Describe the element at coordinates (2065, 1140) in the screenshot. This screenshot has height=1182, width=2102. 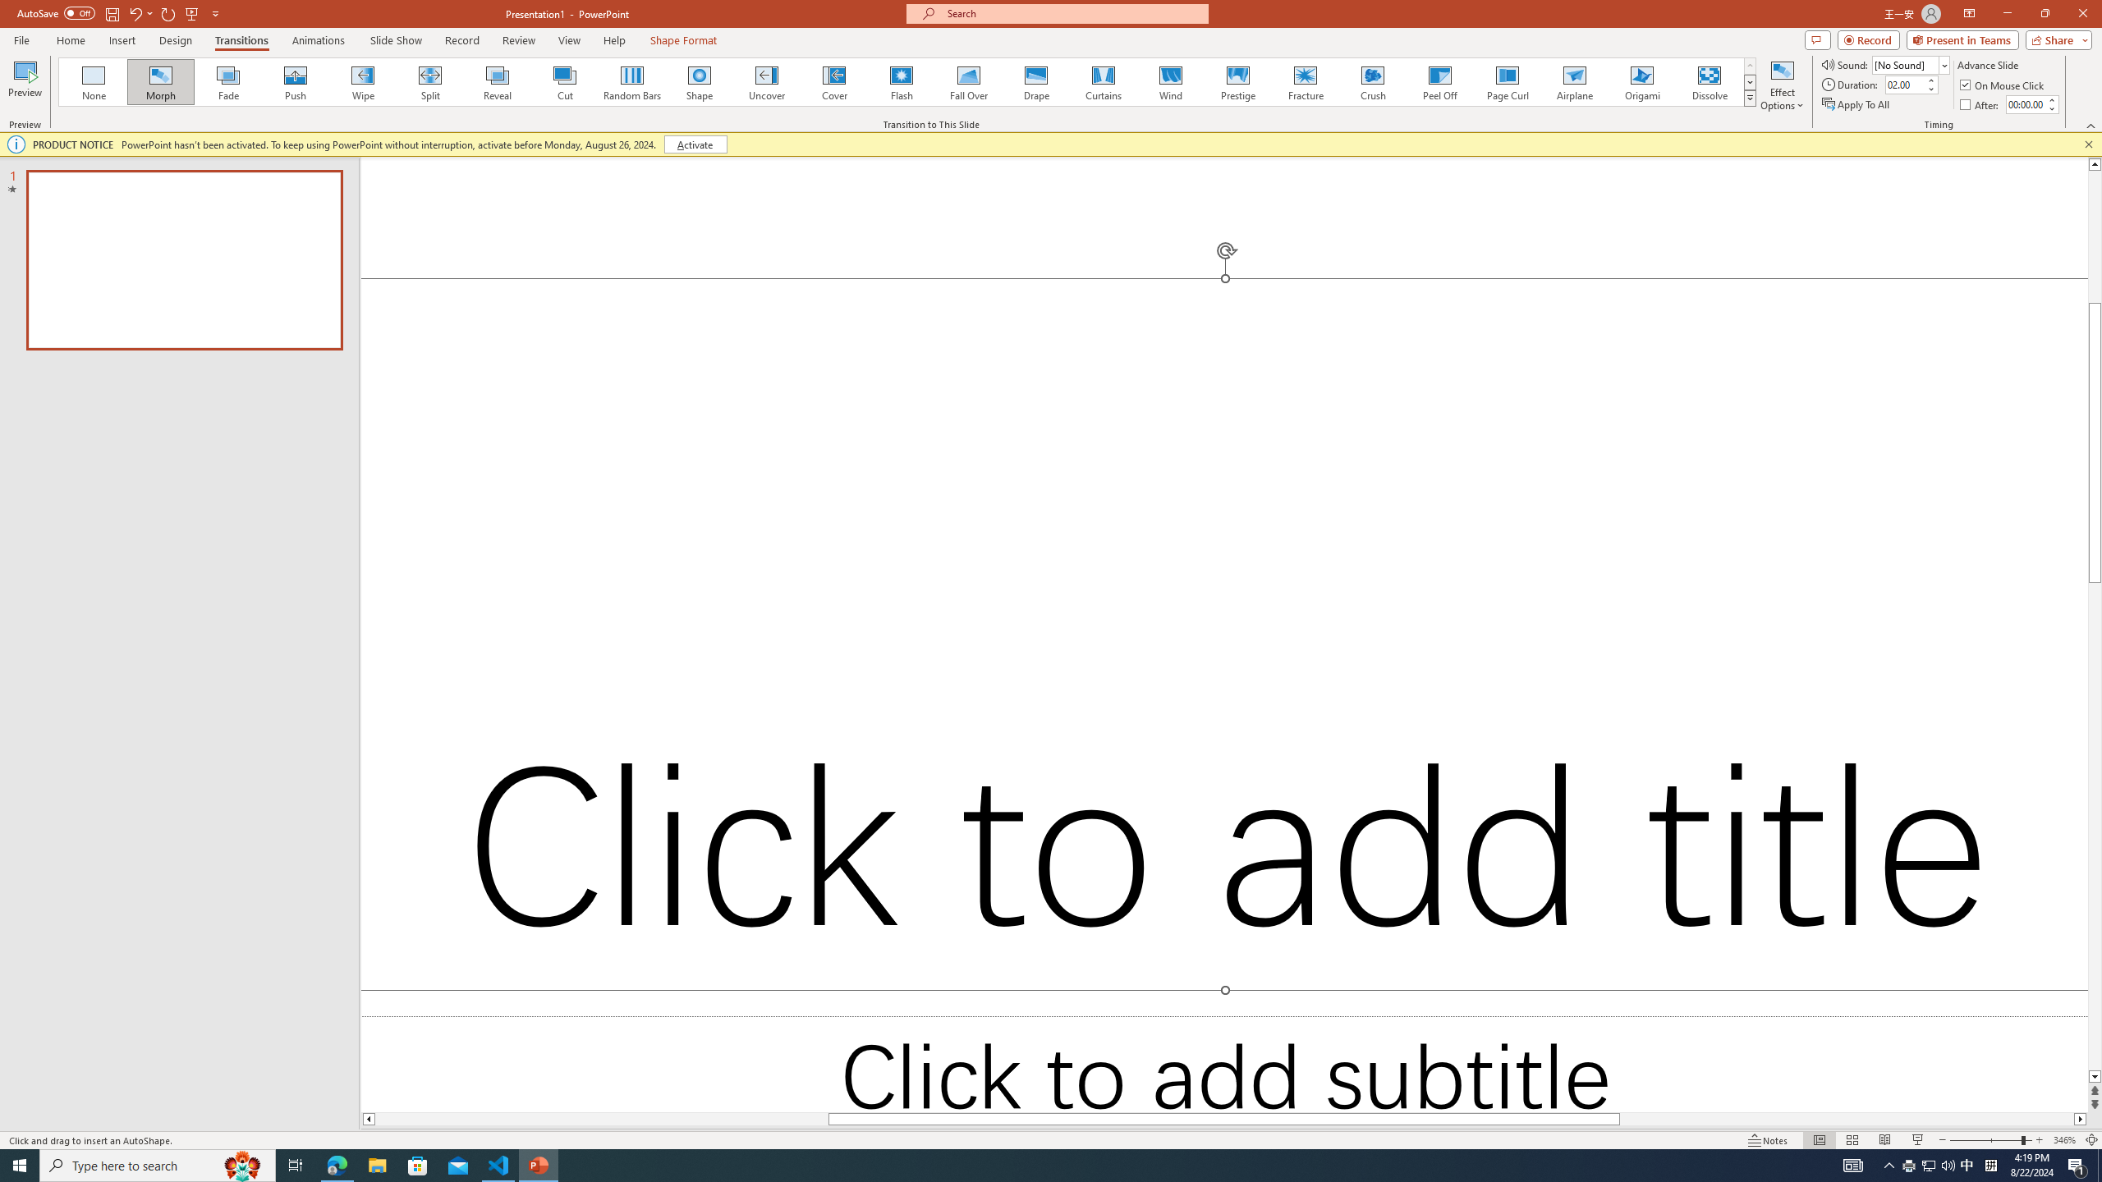
I see `'Zoom 346%'` at that location.